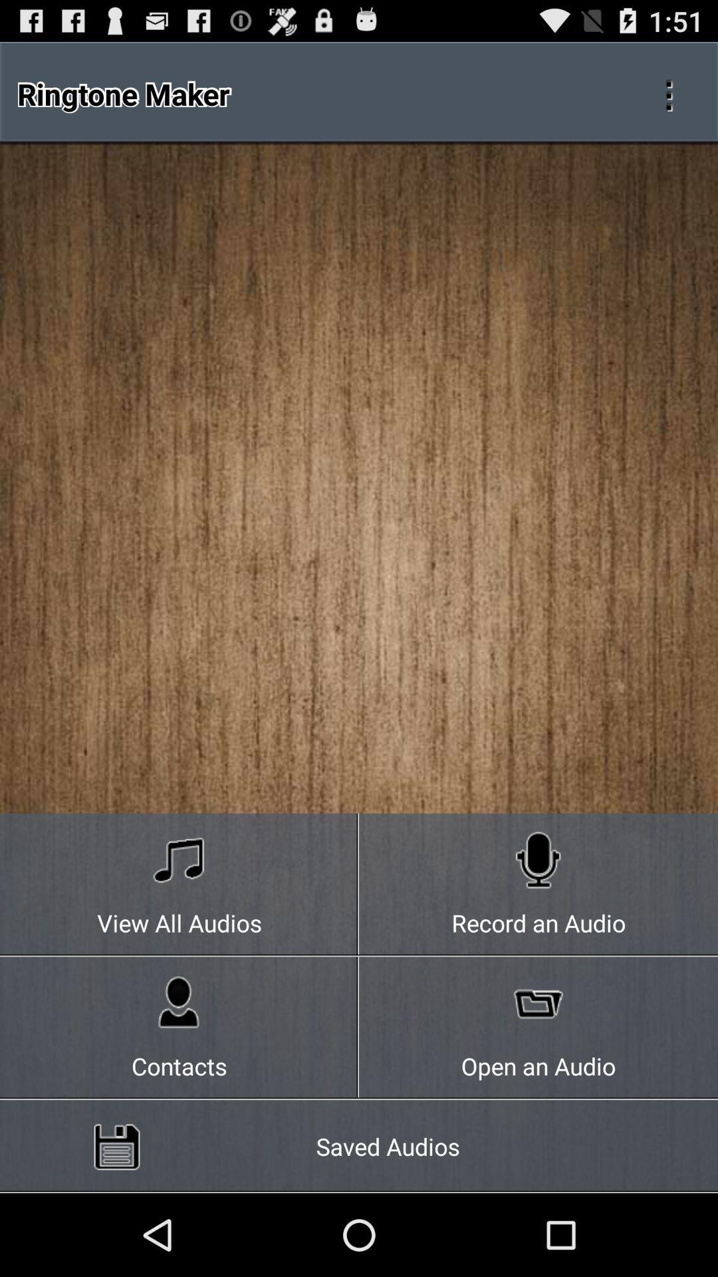 This screenshot has width=718, height=1277. What do you see at coordinates (359, 1145) in the screenshot?
I see `the icon below the contacts icon` at bounding box center [359, 1145].